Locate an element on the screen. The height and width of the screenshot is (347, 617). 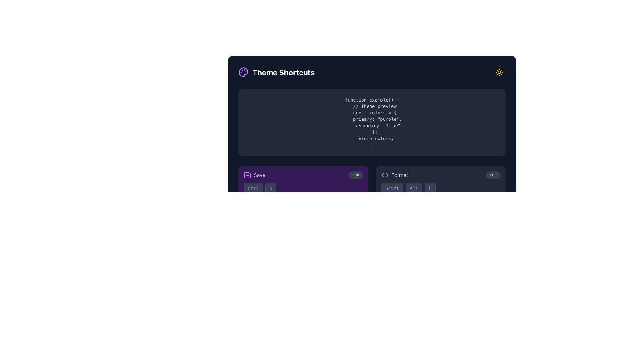
the purple save icon, which is styled like a floppy disk and located to the left of the text 'Save' is located at coordinates (247, 175).